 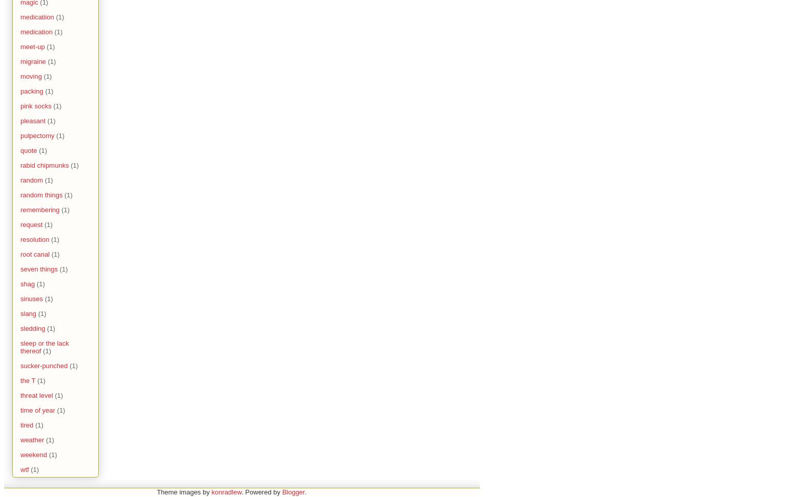 I want to click on 'remembering', so click(x=20, y=210).